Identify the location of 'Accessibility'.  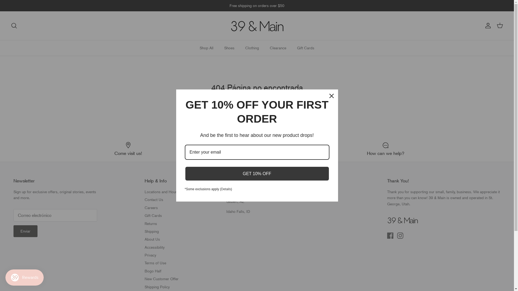
(154, 247).